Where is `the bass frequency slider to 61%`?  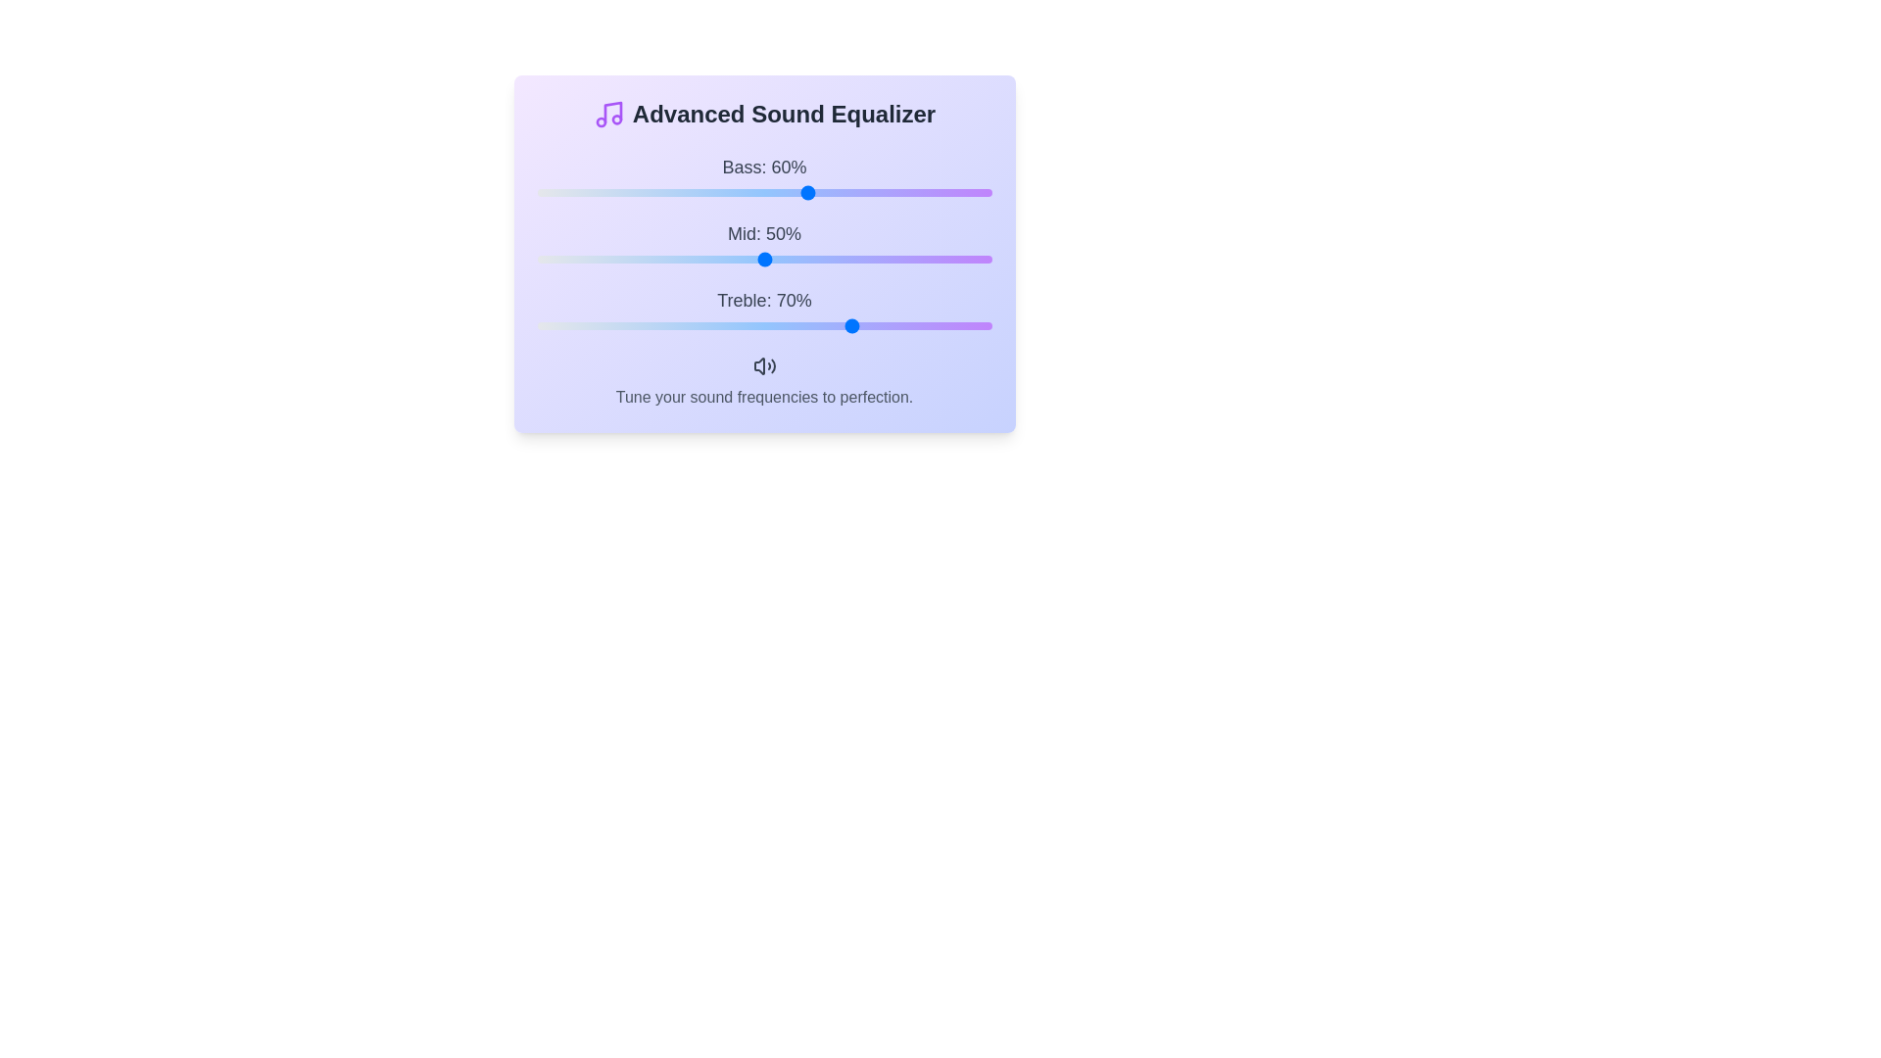 the bass frequency slider to 61% is located at coordinates (814, 192).